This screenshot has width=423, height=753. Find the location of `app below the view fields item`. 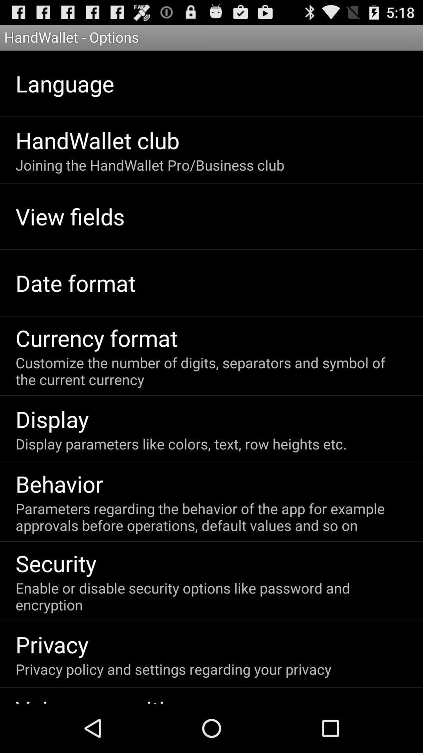

app below the view fields item is located at coordinates (76, 282).